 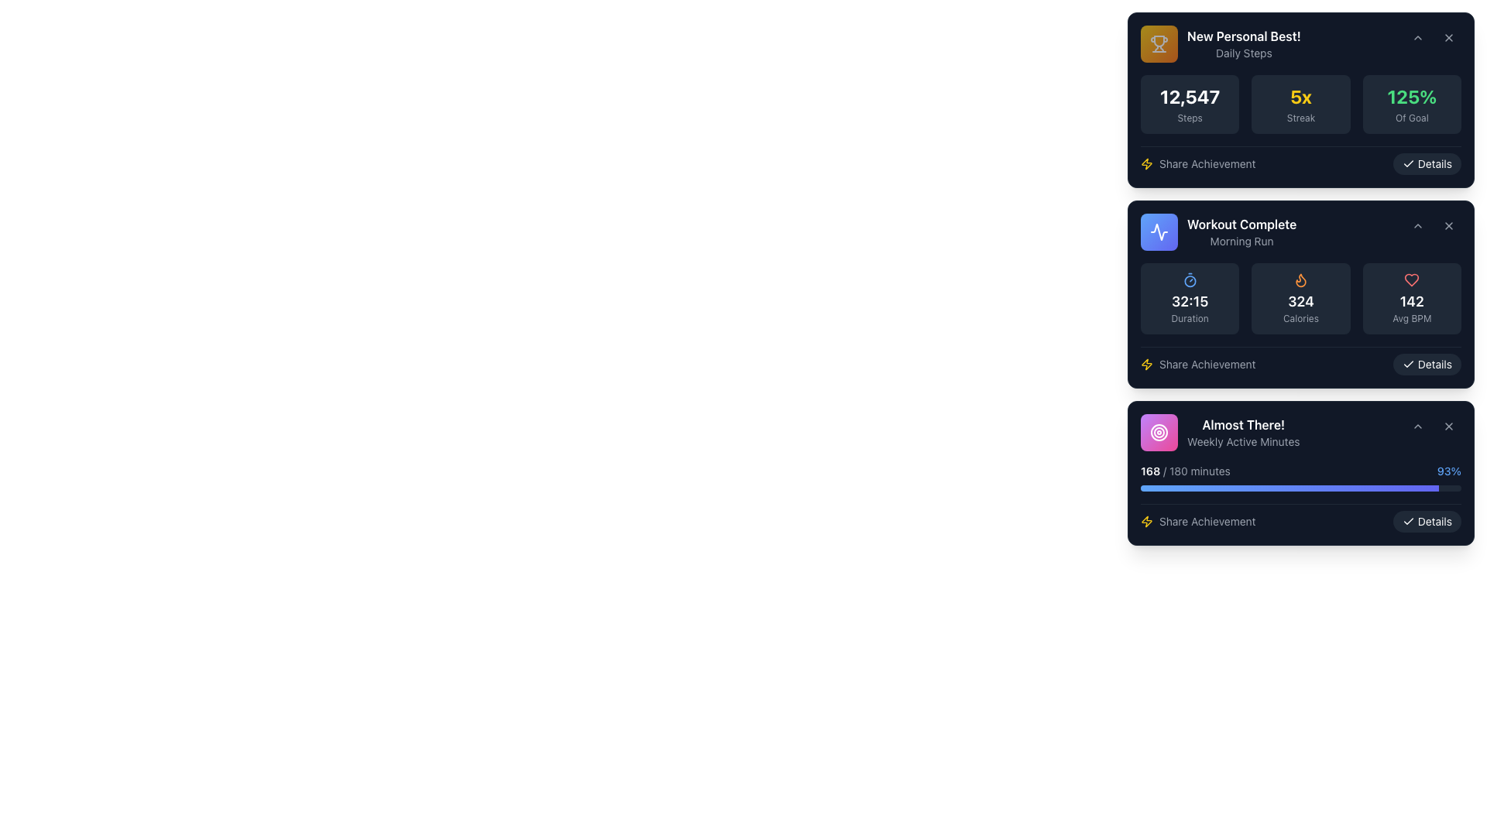 I want to click on the small downward chevron icon located in the upper-right corner of the 'New Personal Best!' card, so click(x=1417, y=37).